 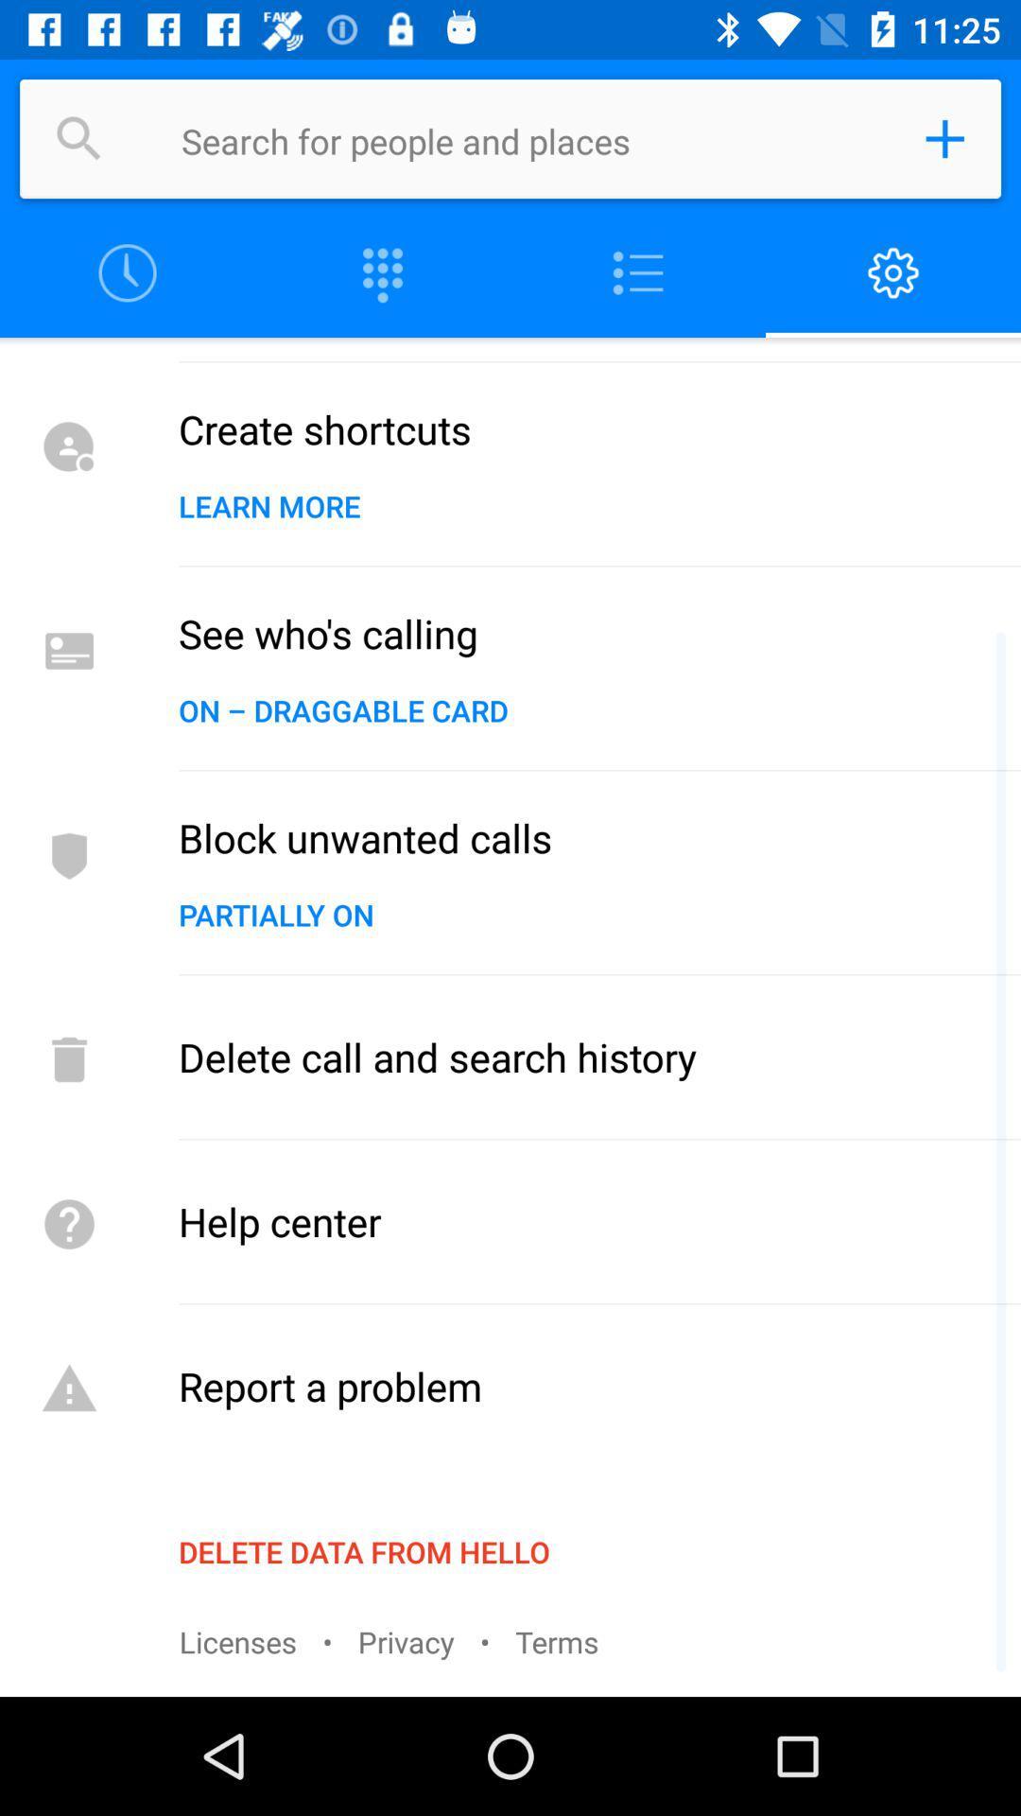 I want to click on the list icon, so click(x=638, y=272).